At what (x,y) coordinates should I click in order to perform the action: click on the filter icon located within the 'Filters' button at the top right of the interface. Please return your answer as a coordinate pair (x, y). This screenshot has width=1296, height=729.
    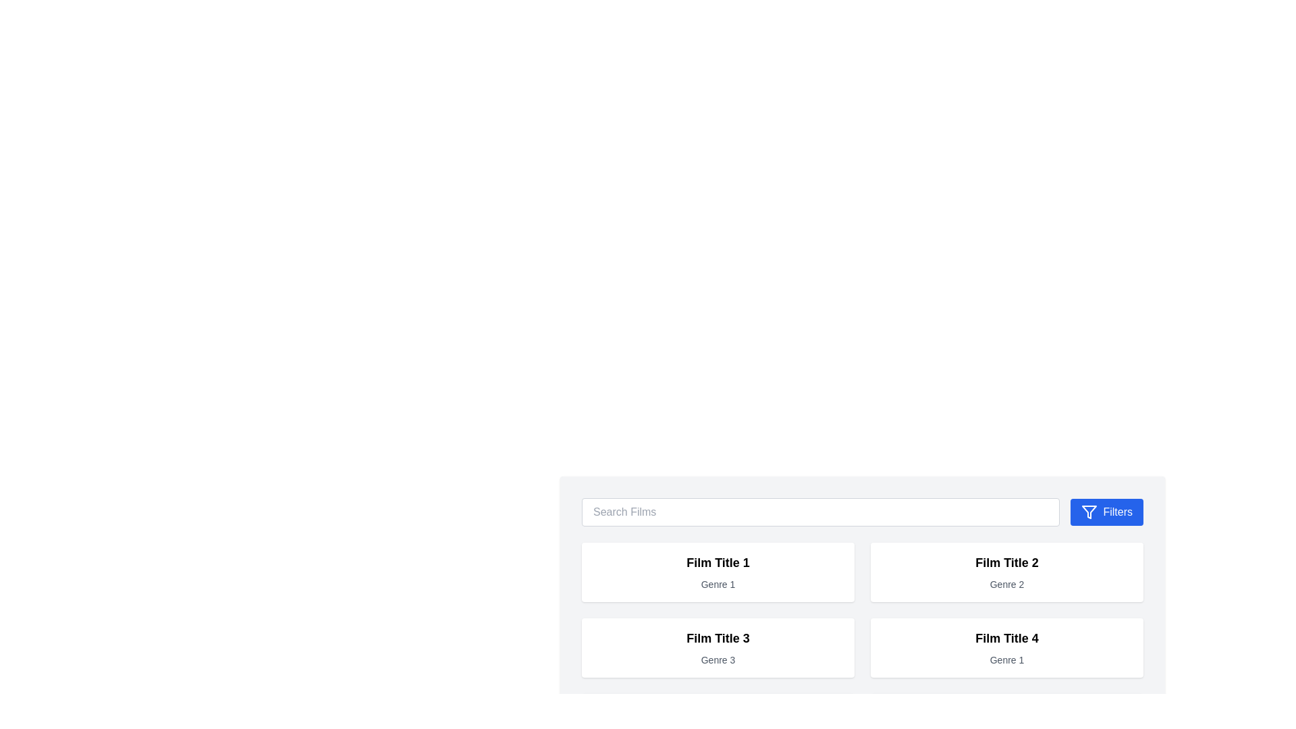
    Looking at the image, I should click on (1089, 512).